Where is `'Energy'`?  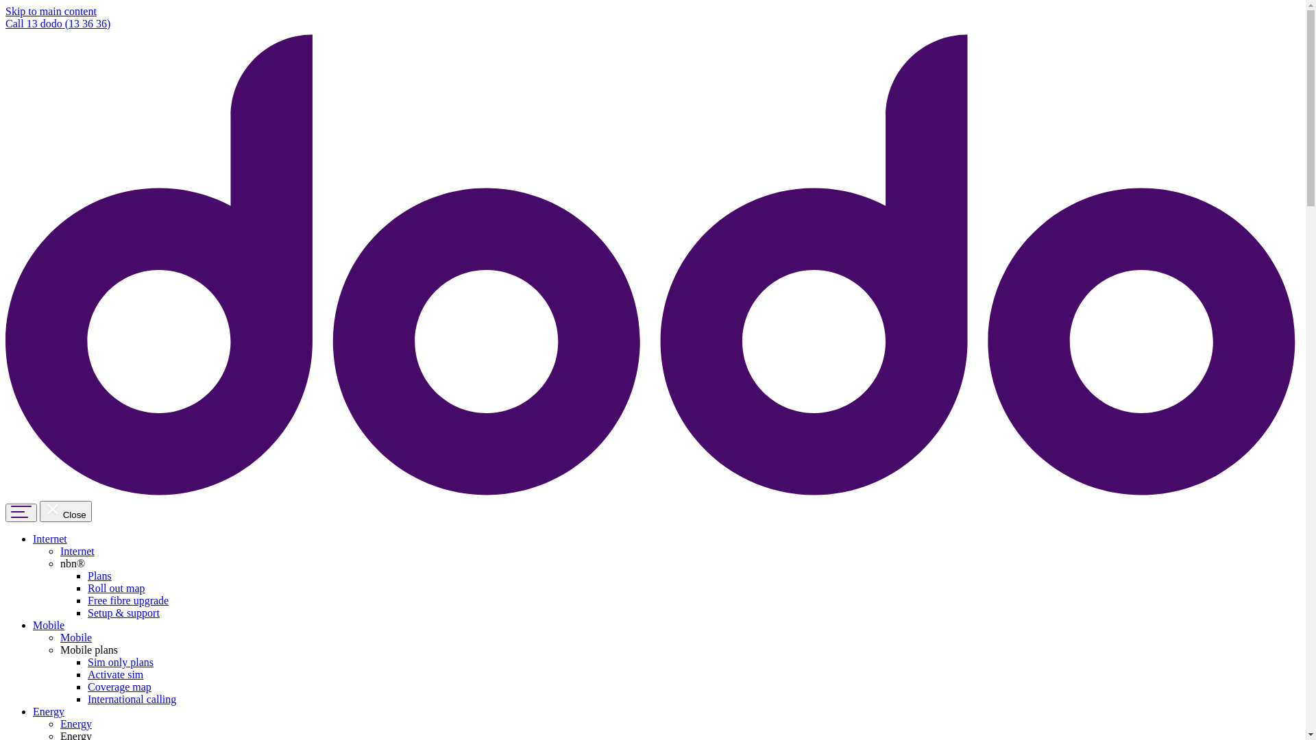
'Energy' is located at coordinates (49, 711).